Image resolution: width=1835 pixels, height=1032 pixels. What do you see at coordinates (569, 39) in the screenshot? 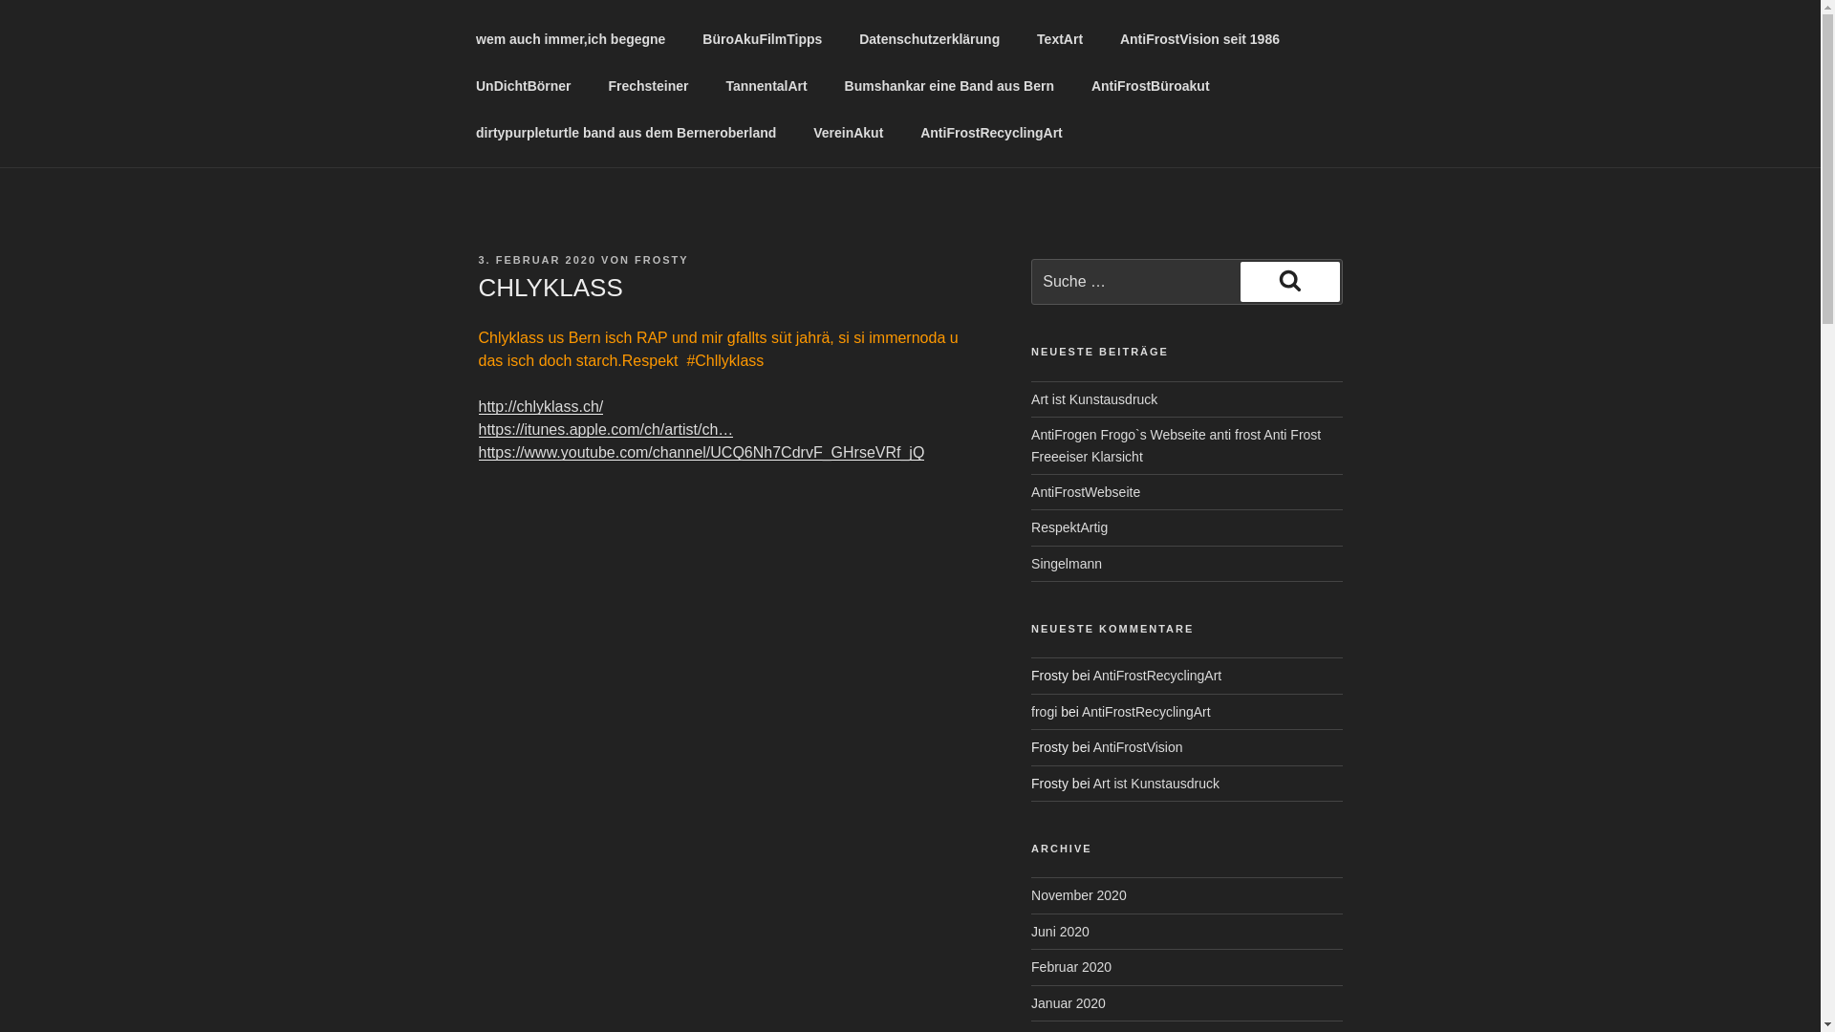
I see `'wem auch immer,ich begegne'` at bounding box center [569, 39].